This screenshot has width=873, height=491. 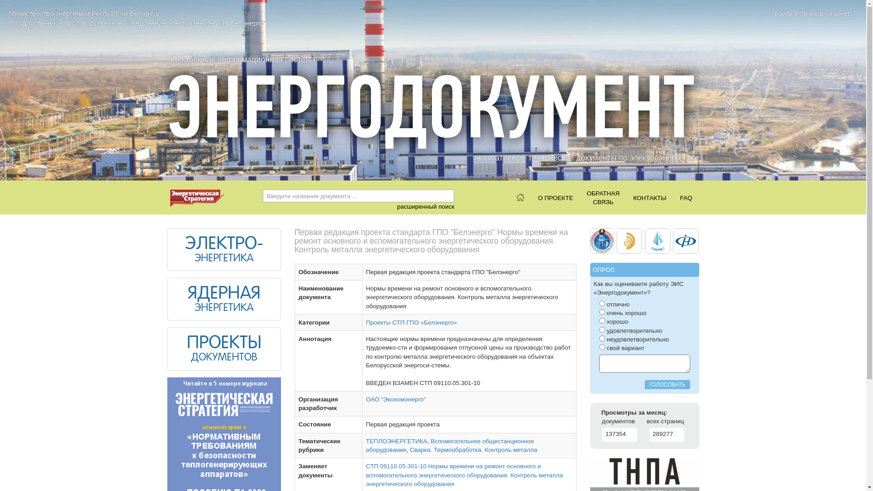 I want to click on 'FAQ', so click(x=686, y=197).